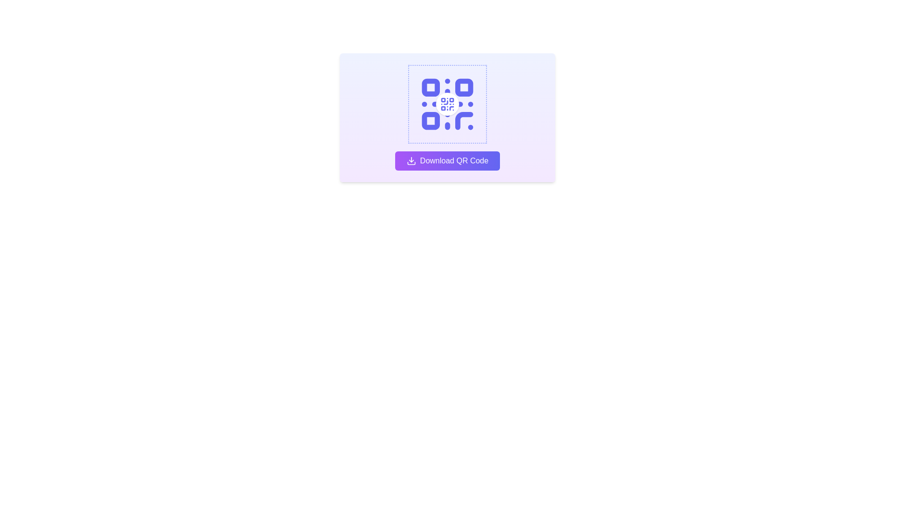 The height and width of the screenshot is (519, 923). Describe the element at coordinates (447, 104) in the screenshot. I see `the QR code graphic representation, which is visually identifiable by its dotted indigo border and is positioned above the 'Download QR Code' button` at that location.